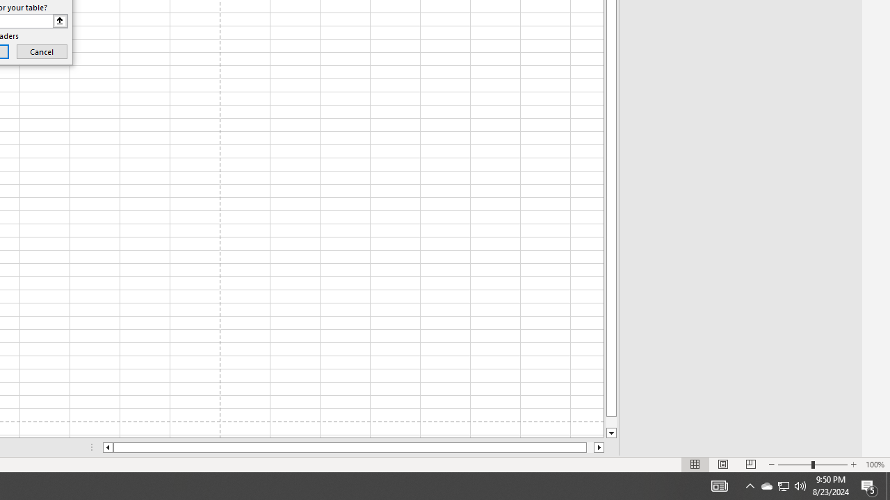 The width and height of the screenshot is (890, 500). What do you see at coordinates (353, 447) in the screenshot?
I see `'Class: NetUIScrollBar'` at bounding box center [353, 447].